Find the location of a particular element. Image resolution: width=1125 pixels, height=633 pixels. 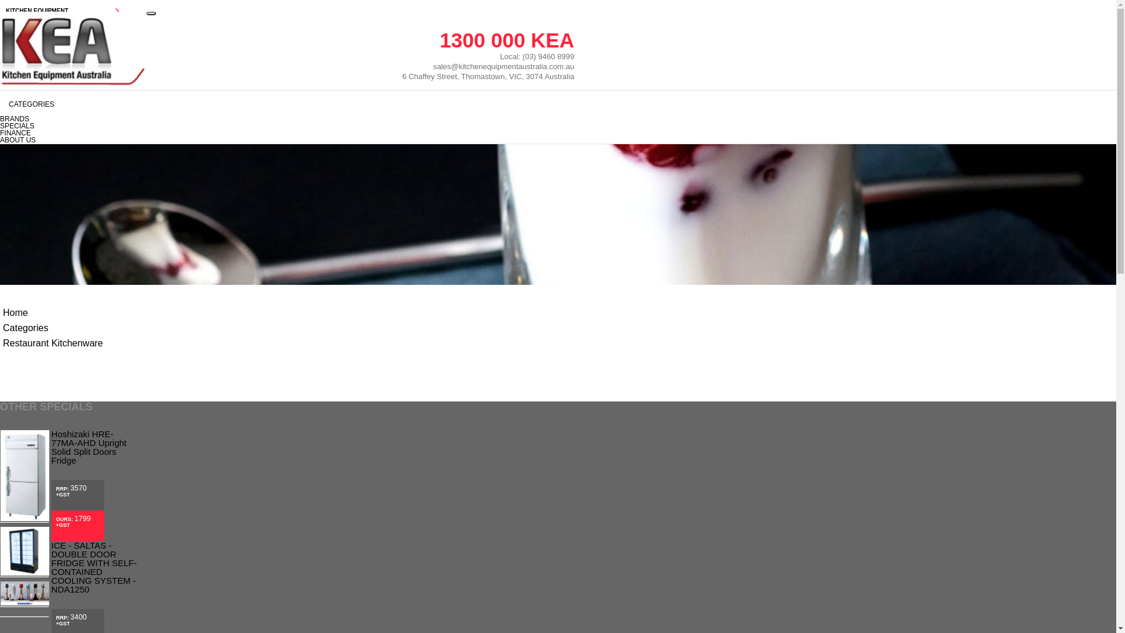

'CATEGORIES' is located at coordinates (287, 104).